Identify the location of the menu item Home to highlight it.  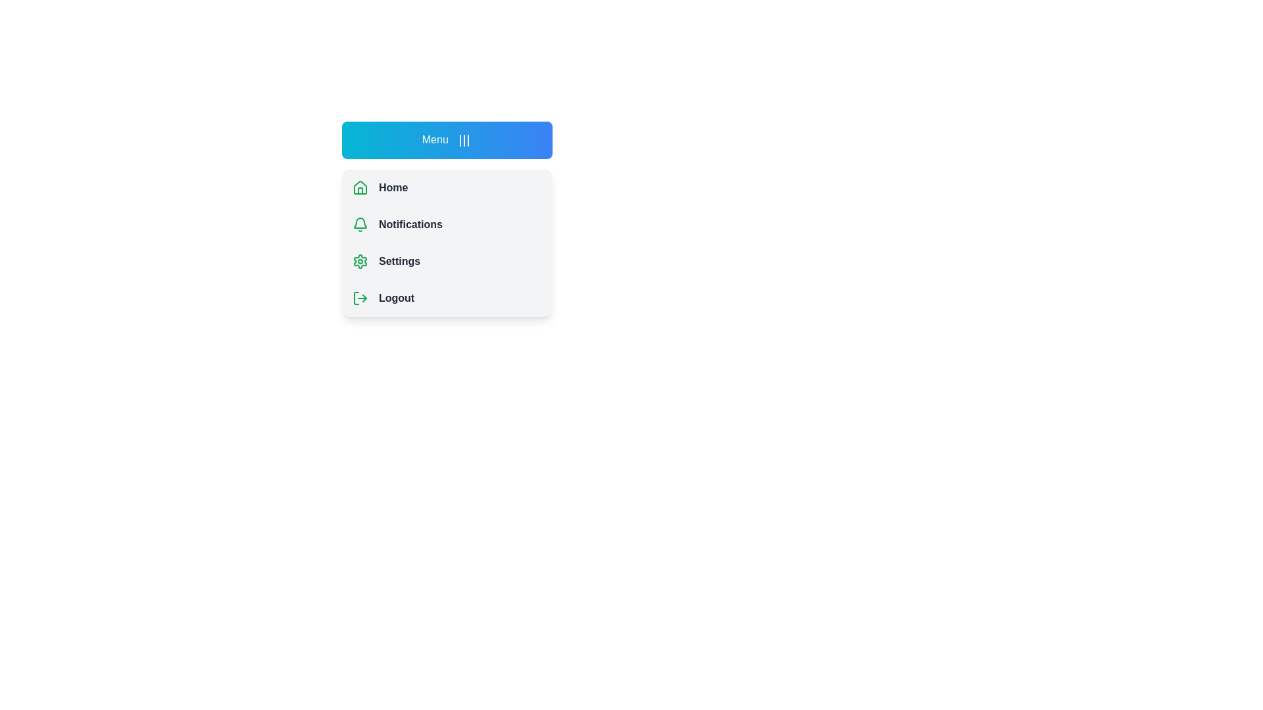
(447, 187).